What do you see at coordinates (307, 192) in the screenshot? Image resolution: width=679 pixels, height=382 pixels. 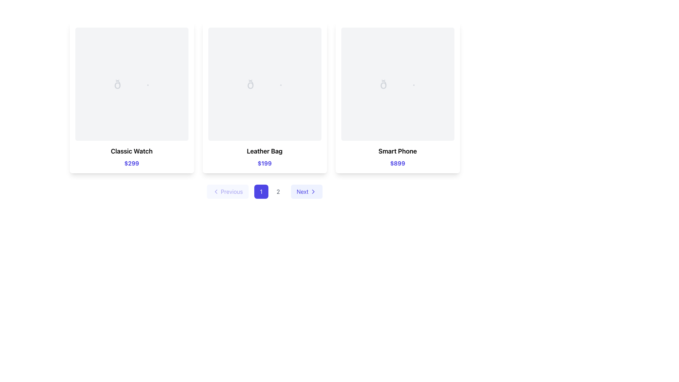 I see `the 'Next' button with a light indigo background and indigo text, which is the rightmost button` at bounding box center [307, 192].